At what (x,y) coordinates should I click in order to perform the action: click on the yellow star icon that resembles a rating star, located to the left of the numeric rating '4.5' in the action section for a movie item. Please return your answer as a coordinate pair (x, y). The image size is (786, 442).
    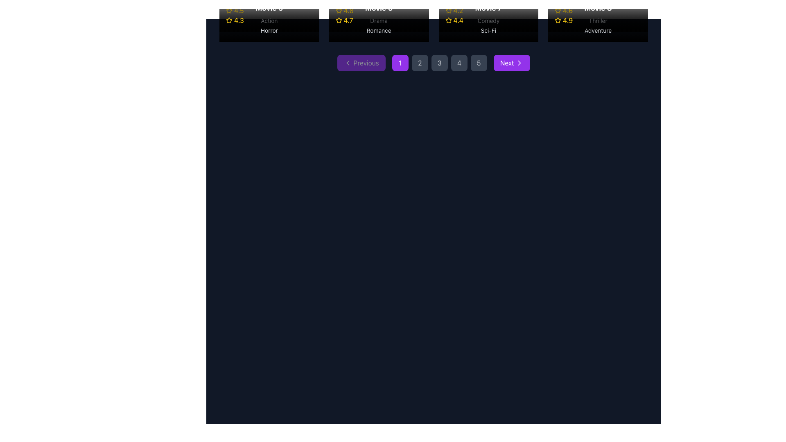
    Looking at the image, I should click on (229, 11).